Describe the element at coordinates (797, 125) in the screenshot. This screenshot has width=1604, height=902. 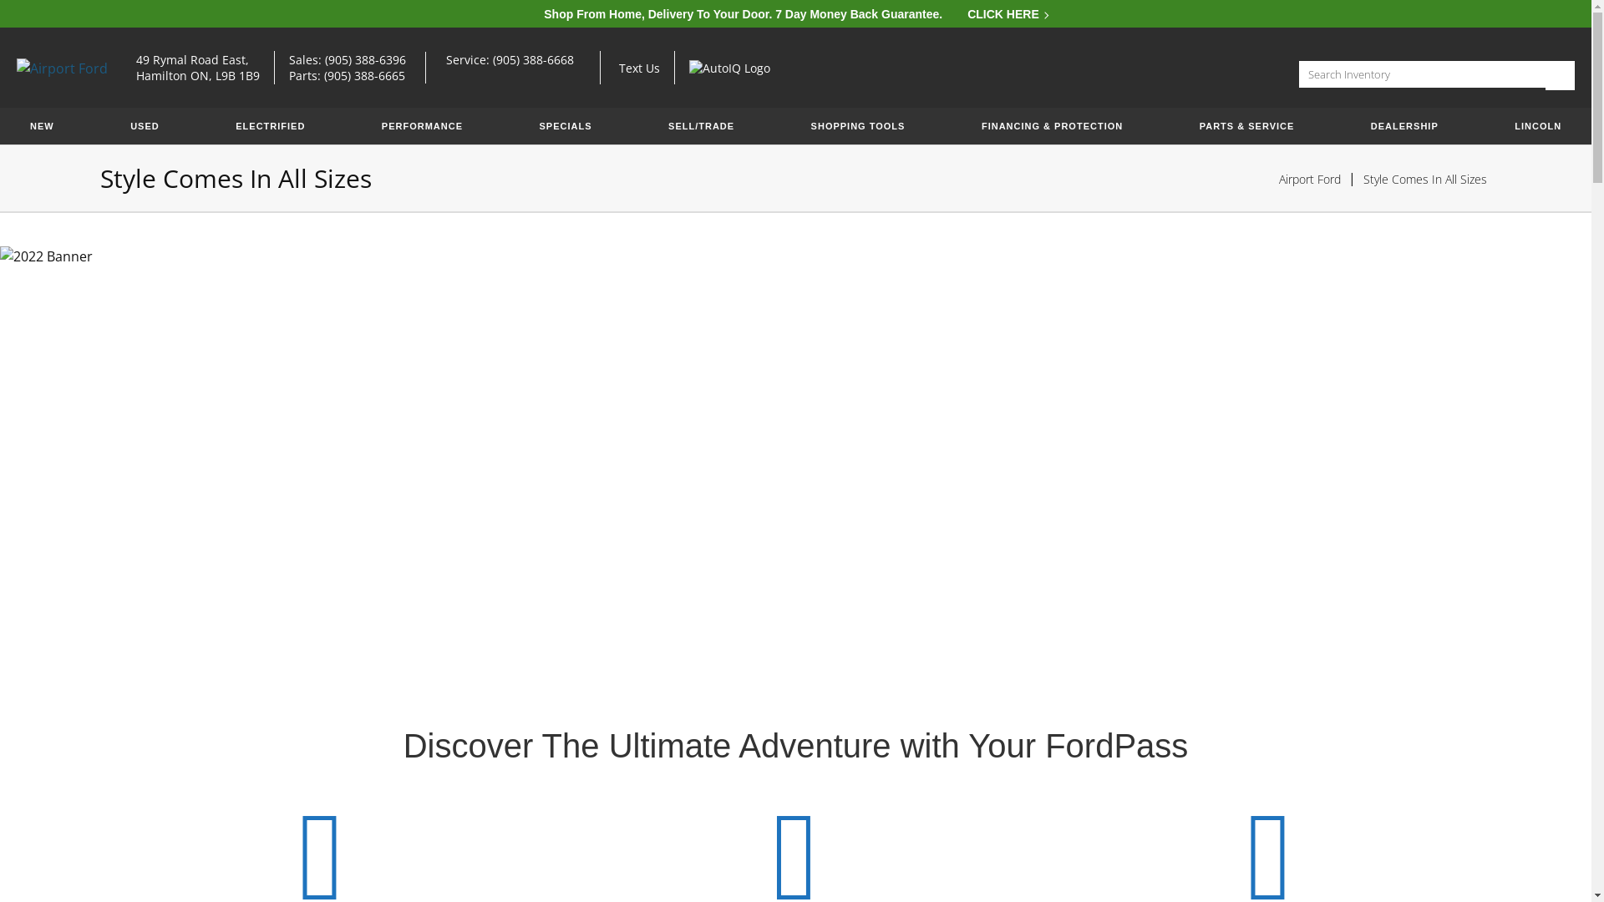
I see `'SHOPPING TOOLS'` at that location.